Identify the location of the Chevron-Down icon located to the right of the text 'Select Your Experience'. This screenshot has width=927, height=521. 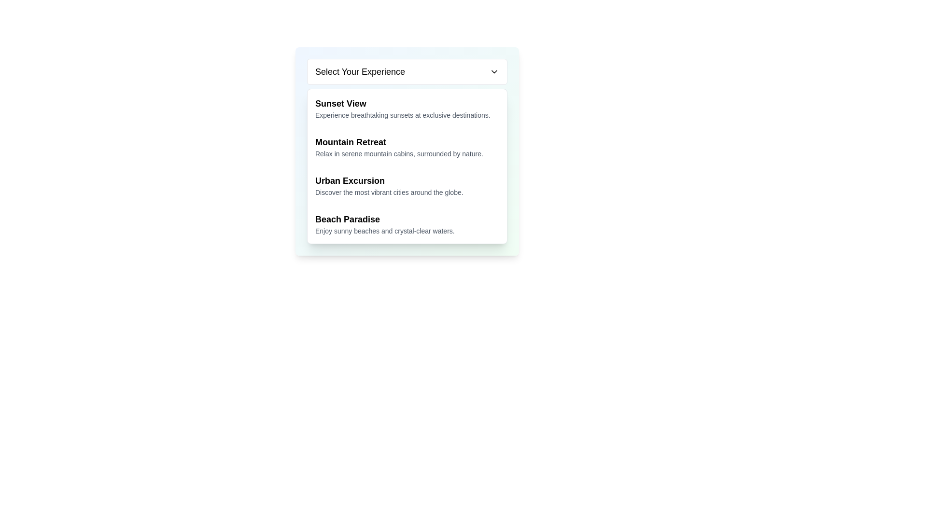
(494, 71).